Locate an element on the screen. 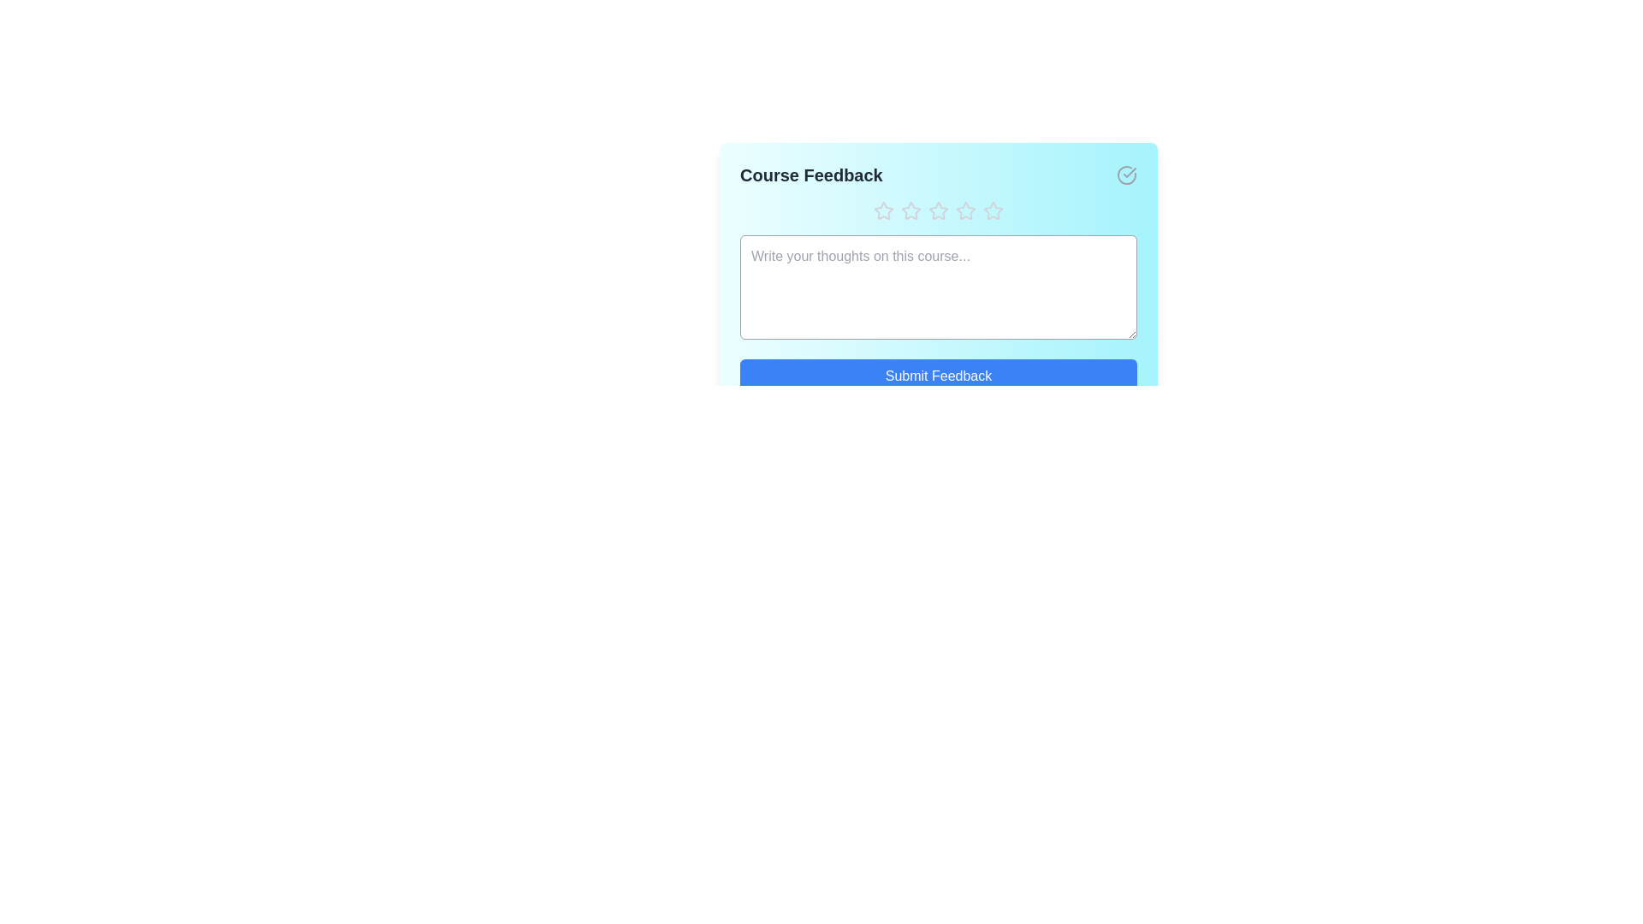 This screenshot has width=1643, height=924. the 'Submit Feedback' button to submit the entered feedback is located at coordinates (938, 375).